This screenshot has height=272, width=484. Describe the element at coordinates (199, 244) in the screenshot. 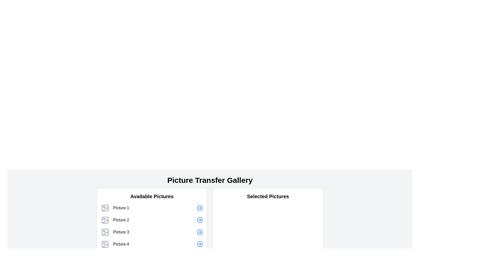

I see `the button that triggers operations related to 'Picture 4', positioned at the far-right end of its row` at that location.